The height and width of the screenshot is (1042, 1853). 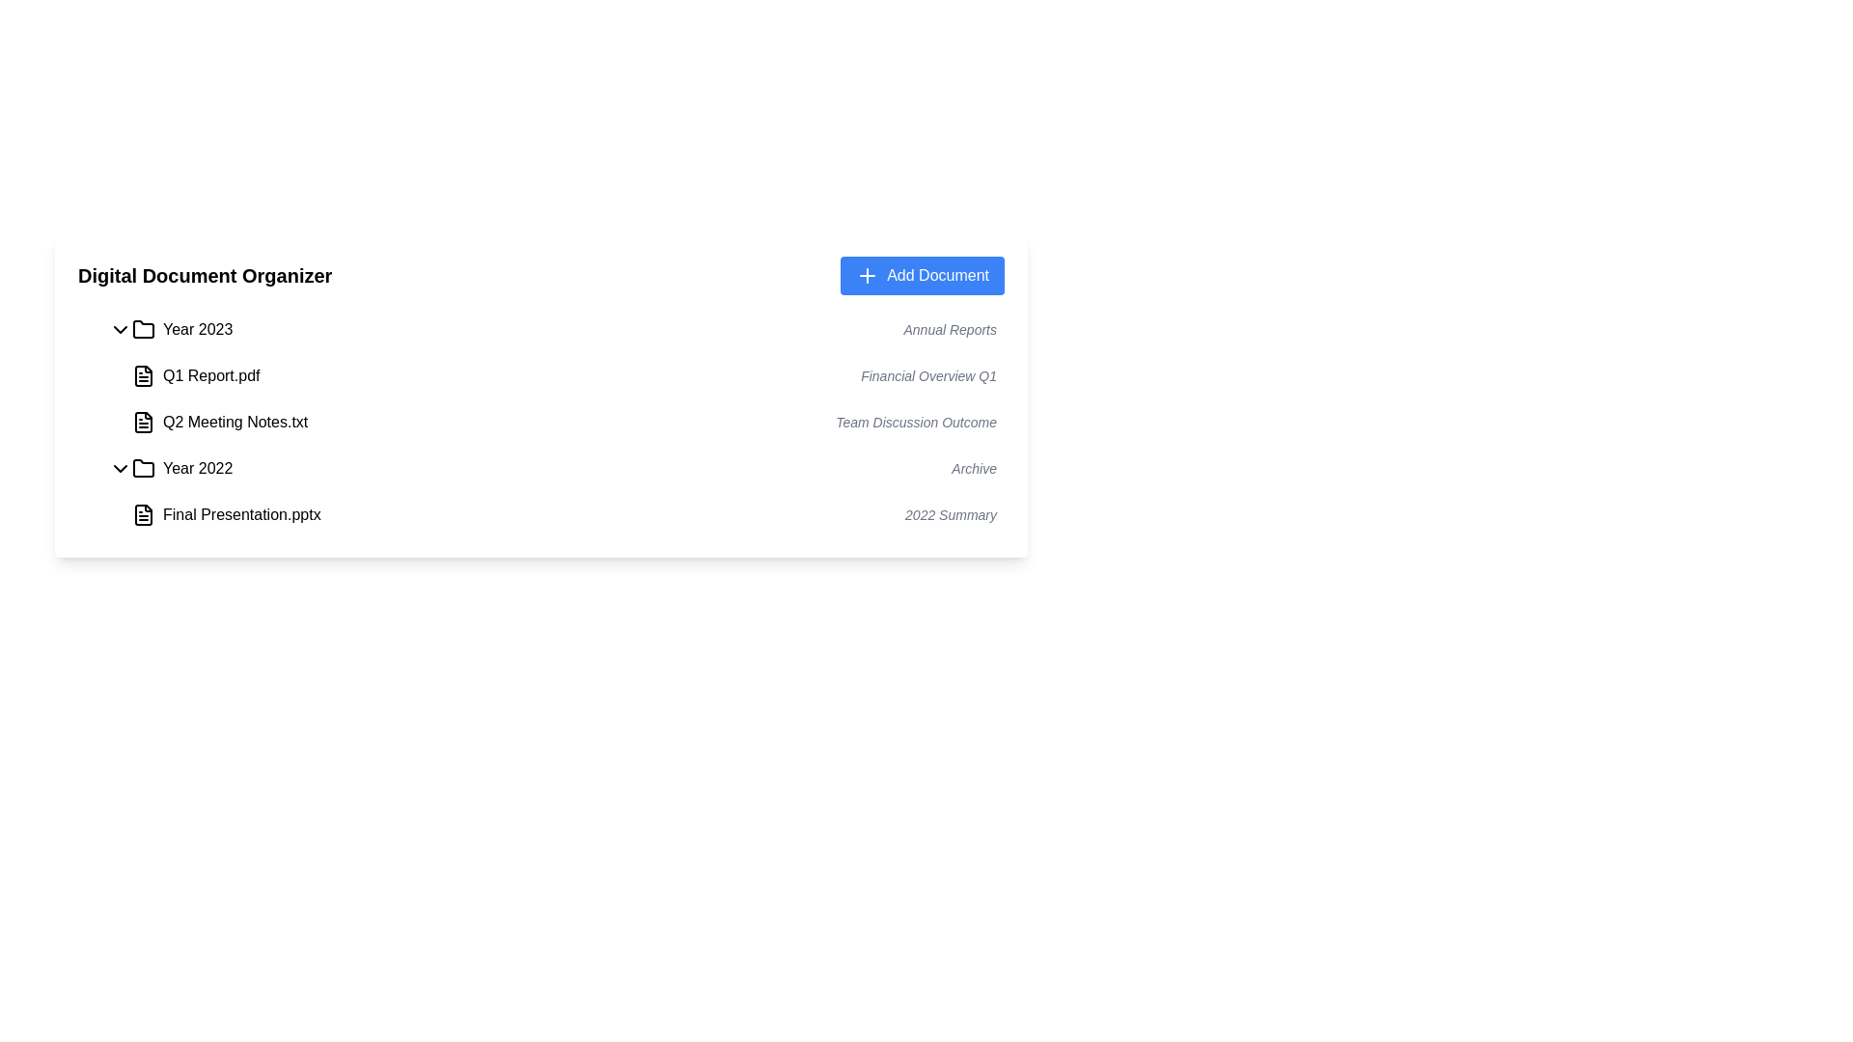 What do you see at coordinates (142, 513) in the screenshot?
I see `the document file icon located at the extreme left of the row labeled 'Final Presentation.pptx - 2022 Summary'` at bounding box center [142, 513].